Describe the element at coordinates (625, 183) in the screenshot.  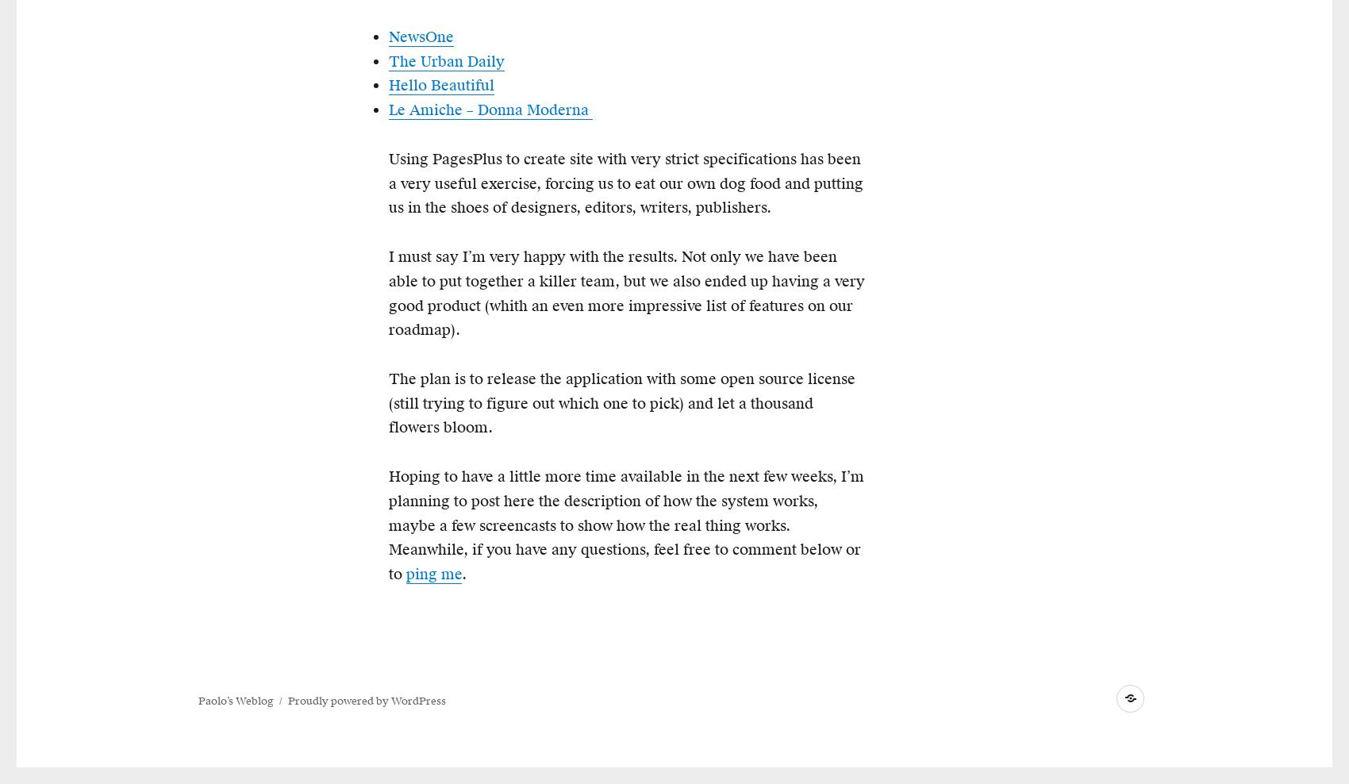
I see `'Using PagesPlus to create site with very strict specifications has been a very useful exercise, forcing us to eat our own dog food and putting us in the shoes of designers, editors, writers, publishers.'` at that location.